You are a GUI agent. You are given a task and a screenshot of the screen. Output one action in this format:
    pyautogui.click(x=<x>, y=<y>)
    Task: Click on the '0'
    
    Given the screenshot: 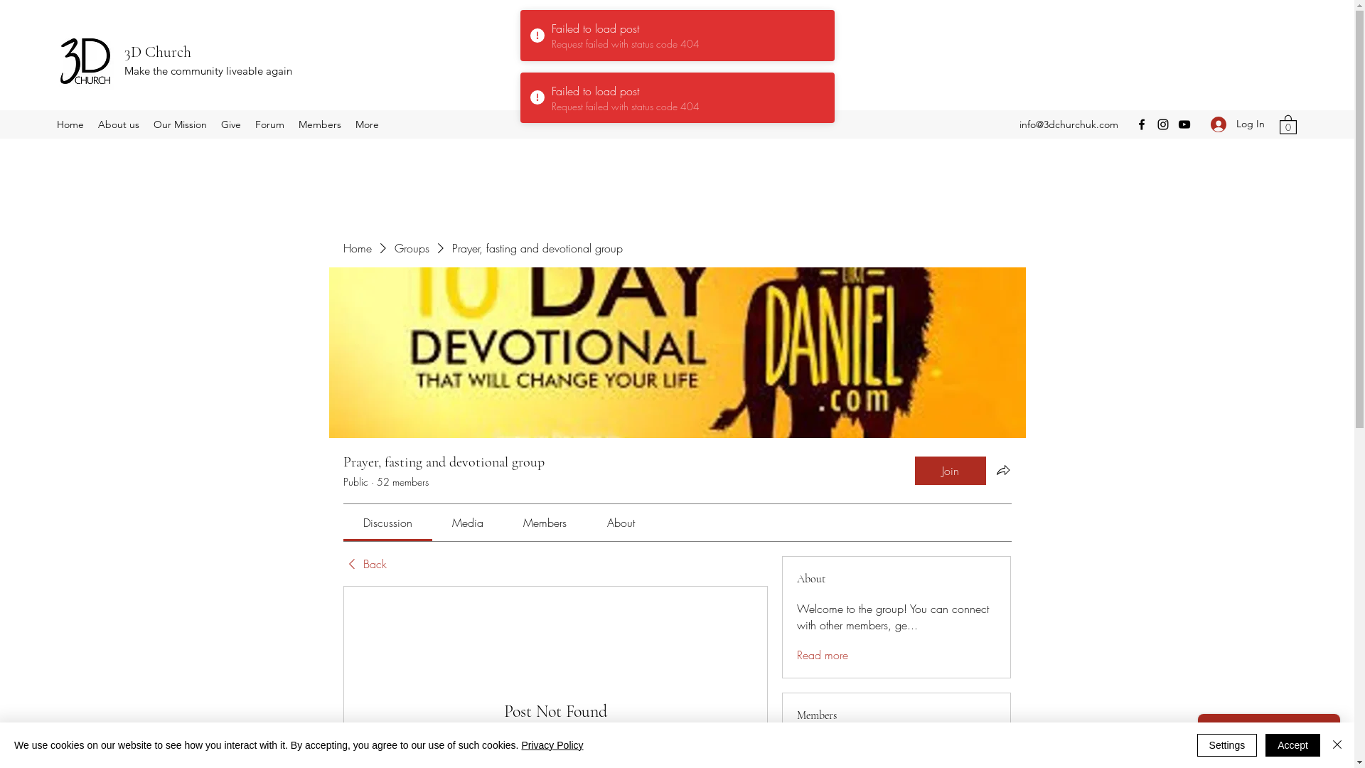 What is the action you would take?
    pyautogui.click(x=1288, y=123)
    